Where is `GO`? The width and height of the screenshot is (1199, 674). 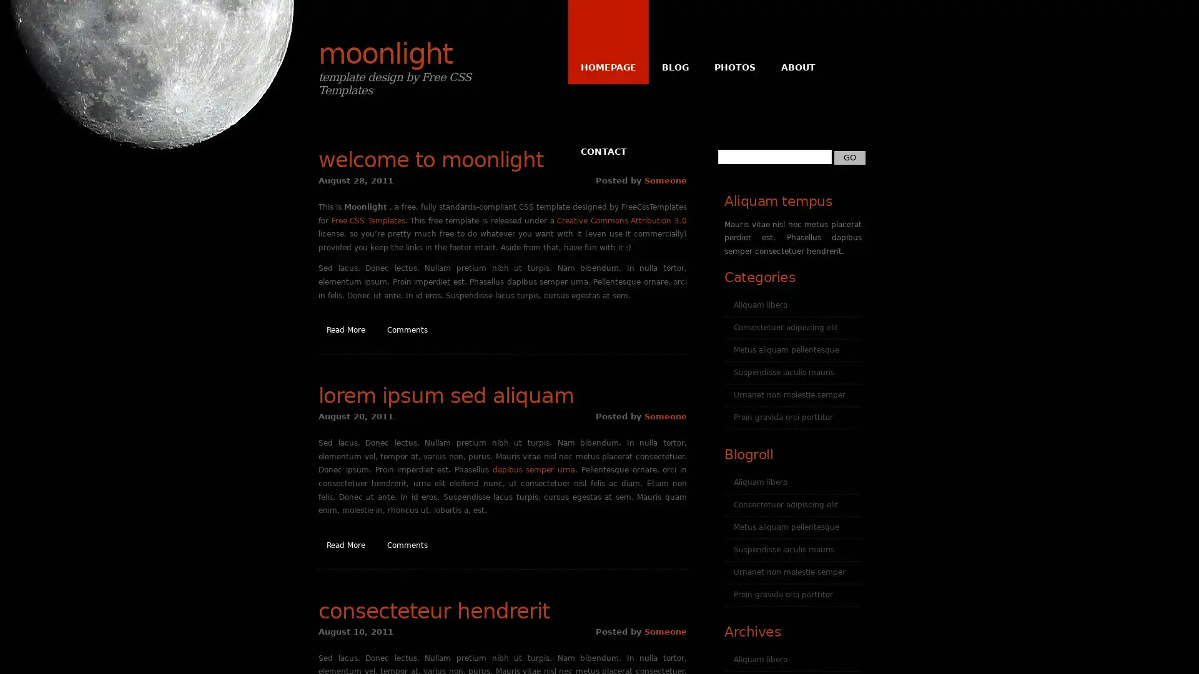
GO is located at coordinates (849, 156).